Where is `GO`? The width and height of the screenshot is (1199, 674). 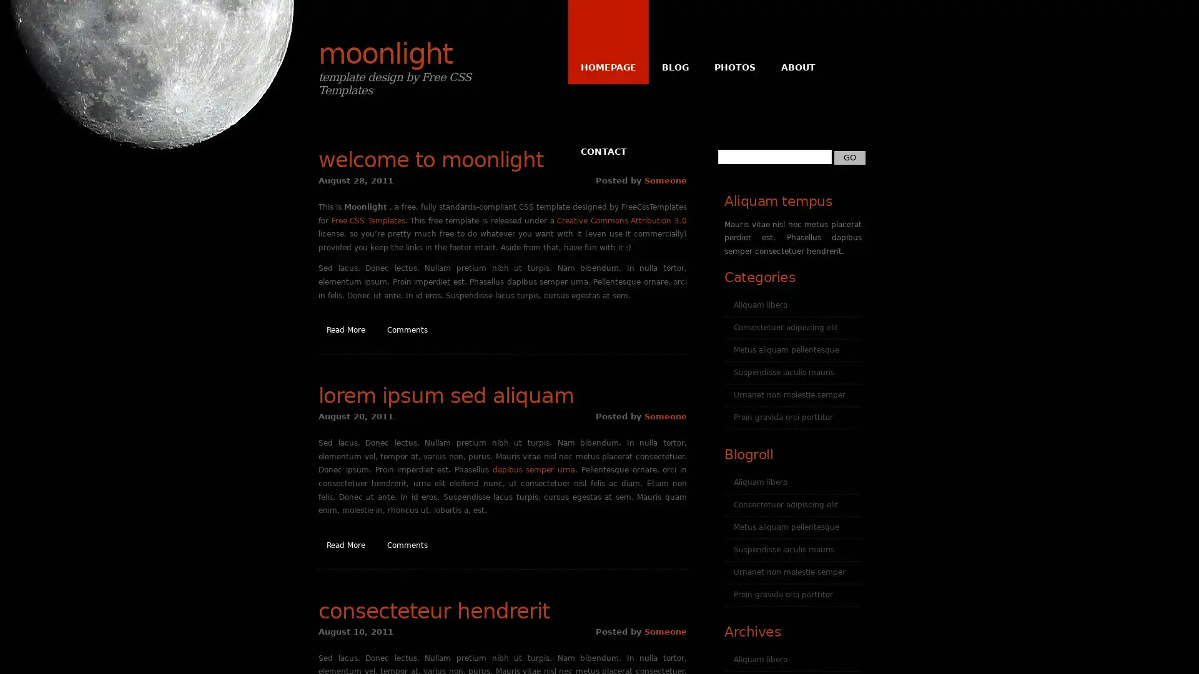
GO is located at coordinates (849, 156).